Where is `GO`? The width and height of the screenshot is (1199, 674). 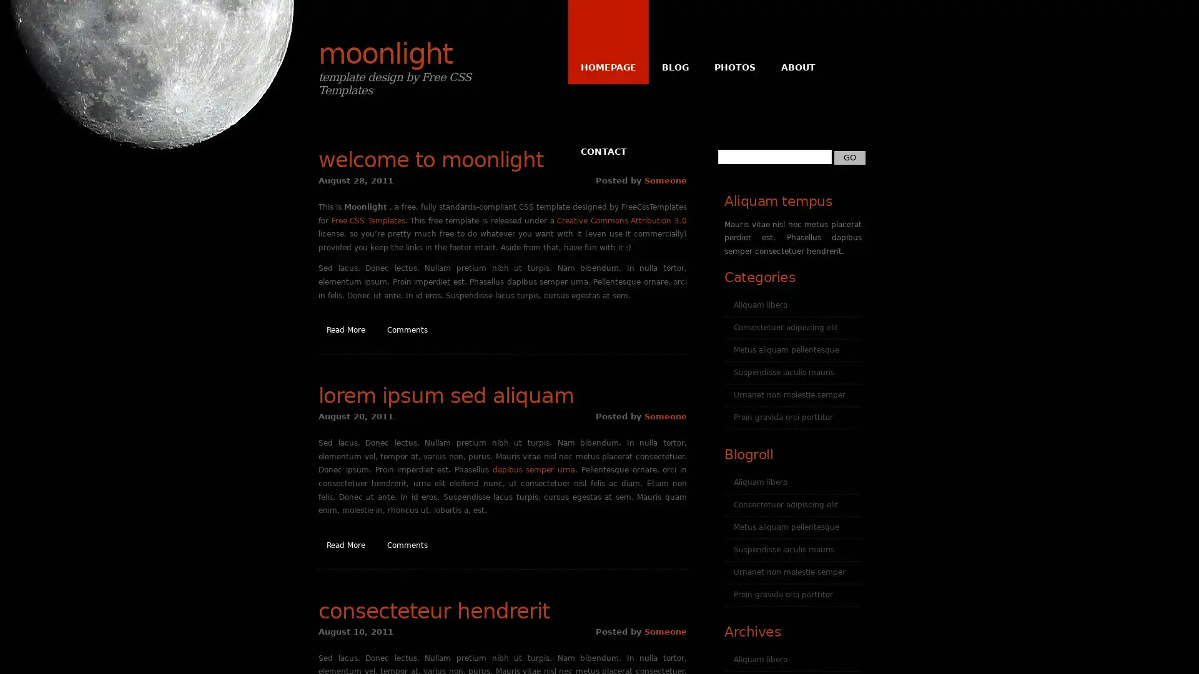
GO is located at coordinates (849, 156).